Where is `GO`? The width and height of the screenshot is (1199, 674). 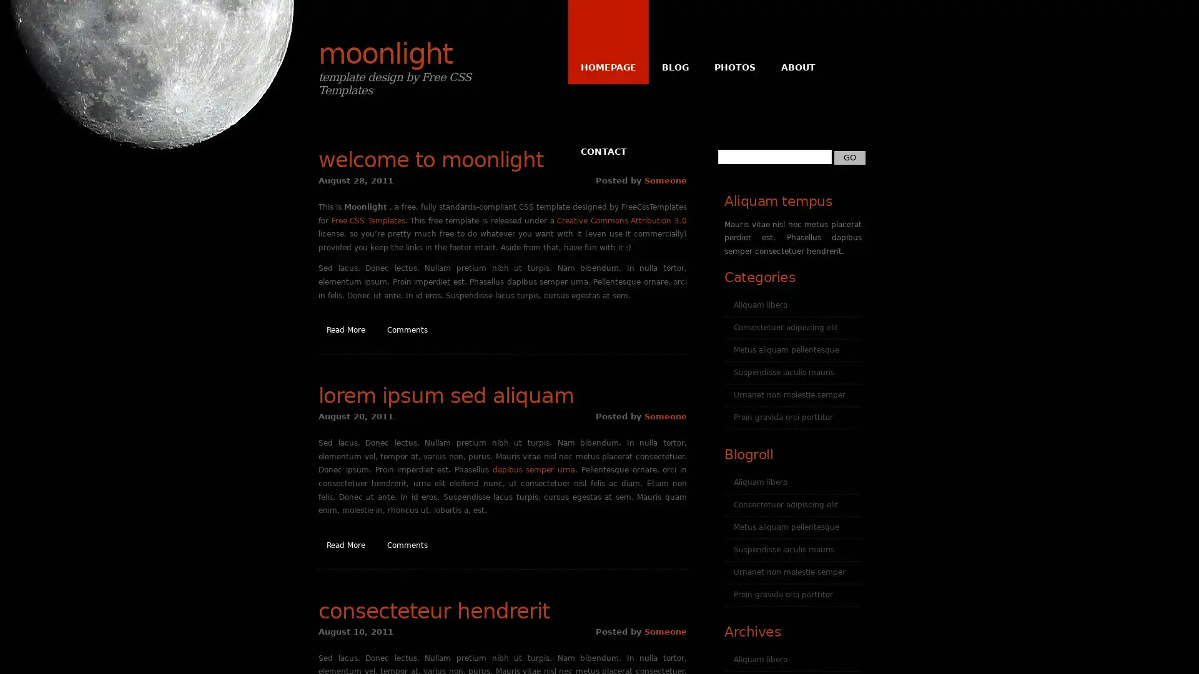
GO is located at coordinates (849, 156).